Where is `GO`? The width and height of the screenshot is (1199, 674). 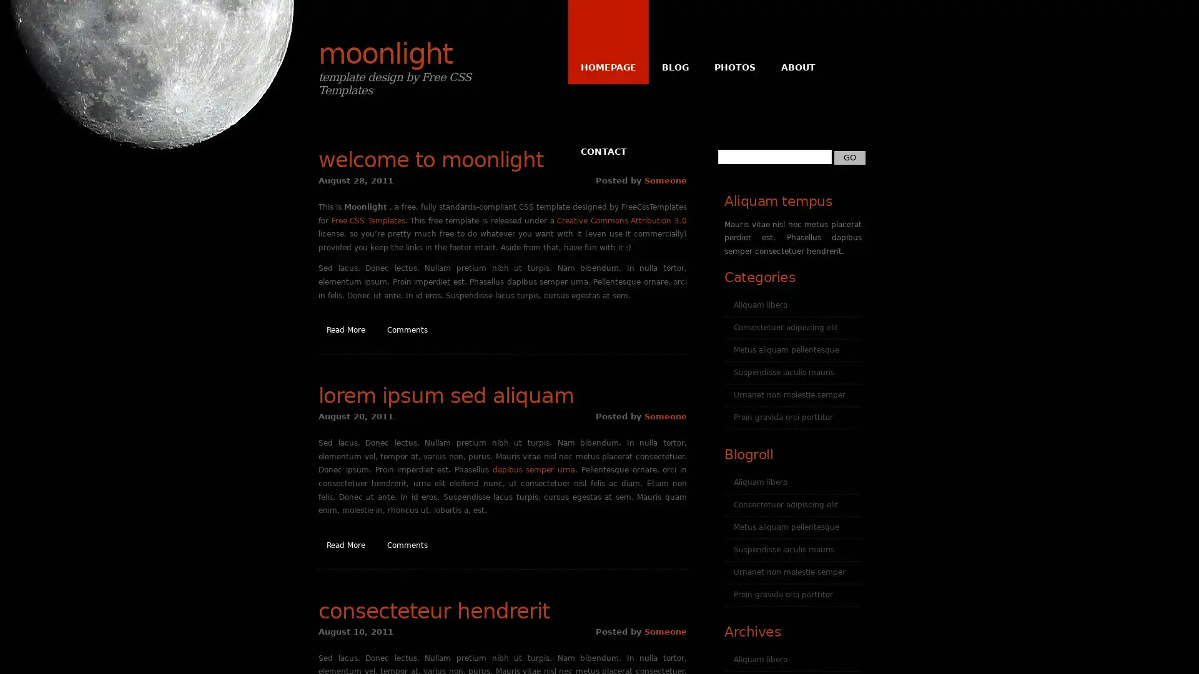
GO is located at coordinates (849, 156).